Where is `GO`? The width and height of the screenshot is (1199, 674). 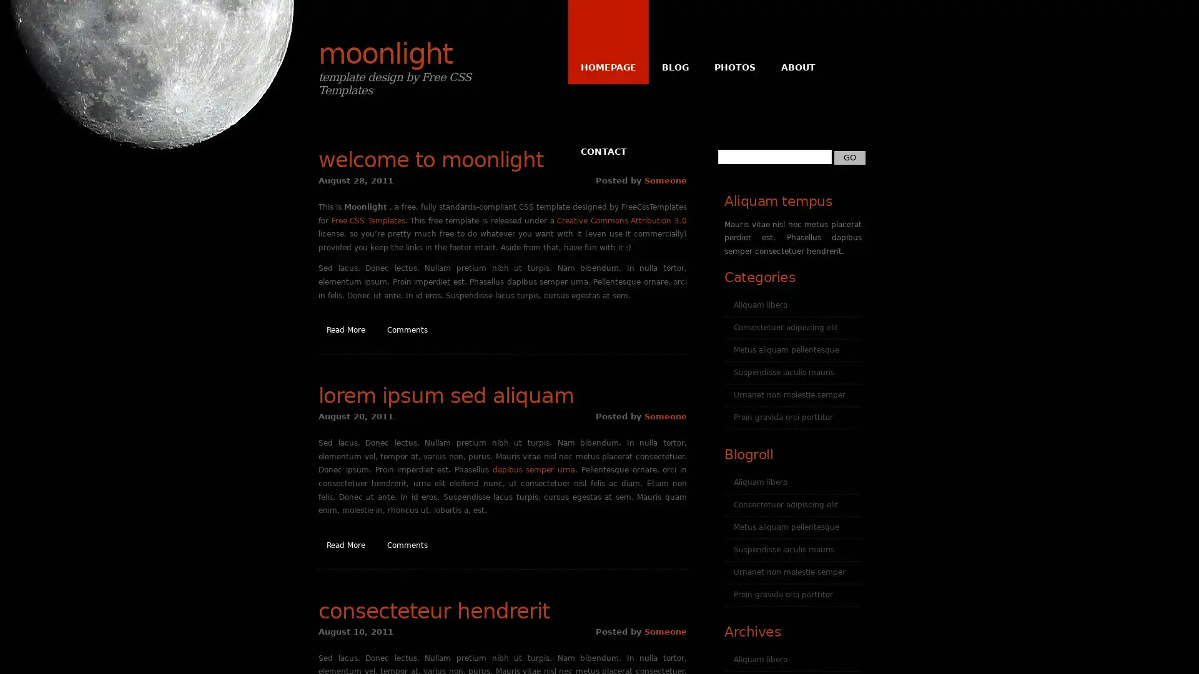
GO is located at coordinates (849, 156).